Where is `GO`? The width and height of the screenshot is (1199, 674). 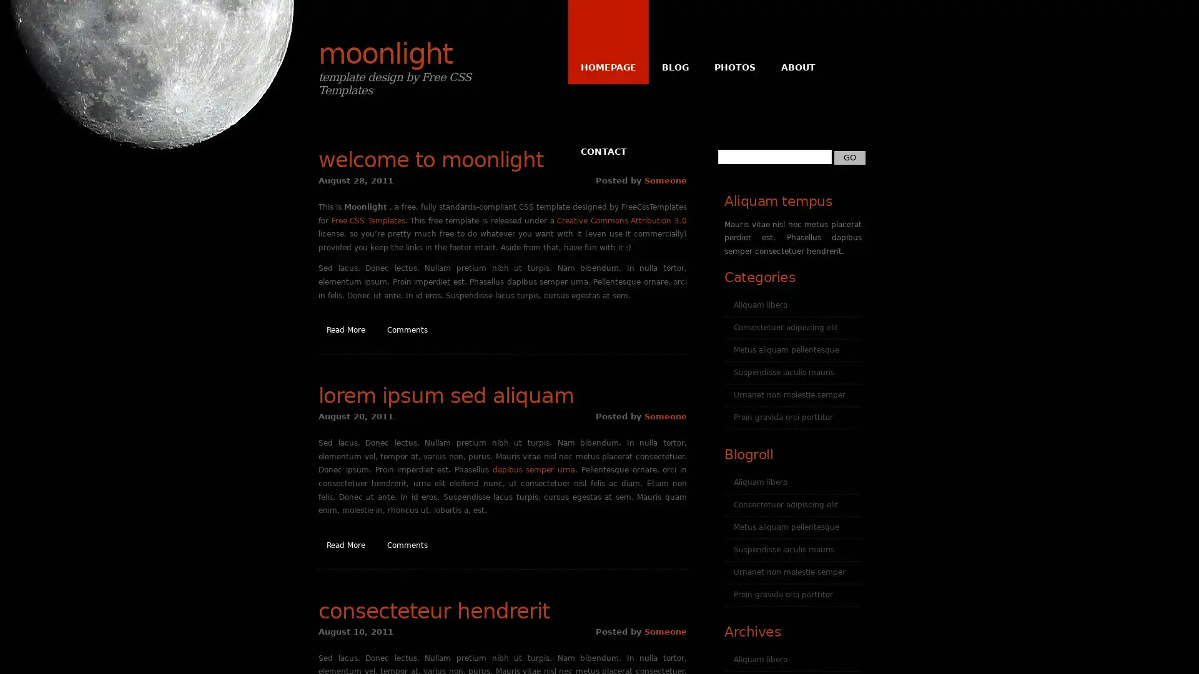
GO is located at coordinates (849, 156).